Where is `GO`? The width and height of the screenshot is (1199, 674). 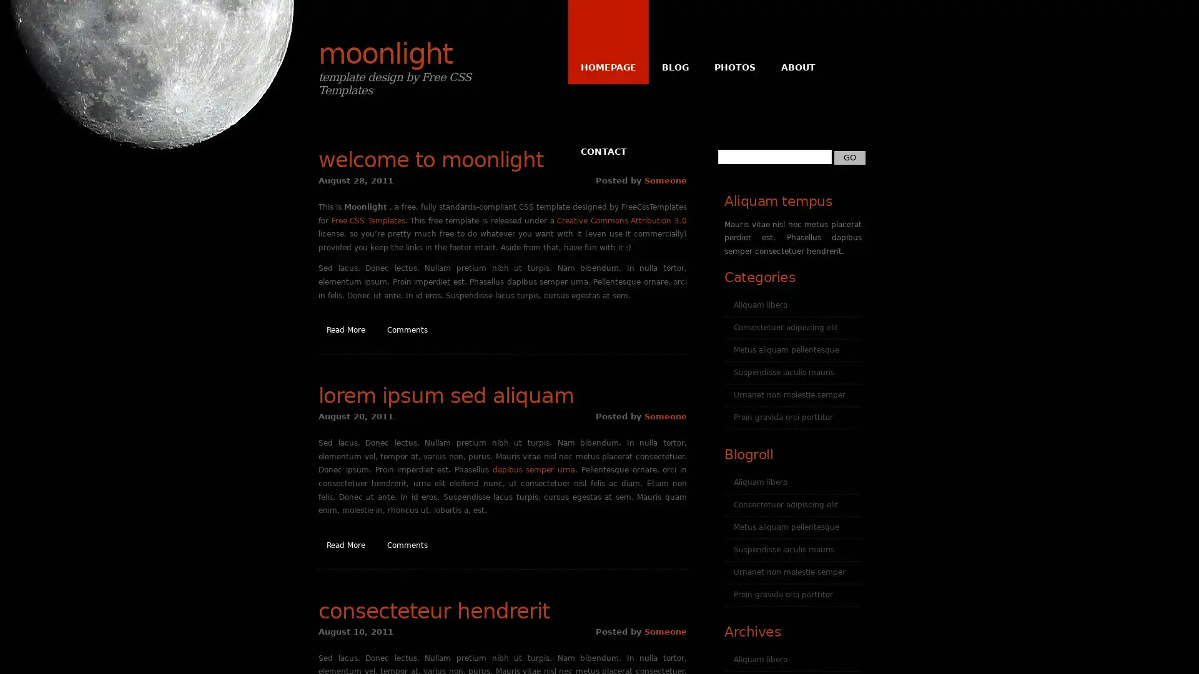
GO is located at coordinates (849, 156).